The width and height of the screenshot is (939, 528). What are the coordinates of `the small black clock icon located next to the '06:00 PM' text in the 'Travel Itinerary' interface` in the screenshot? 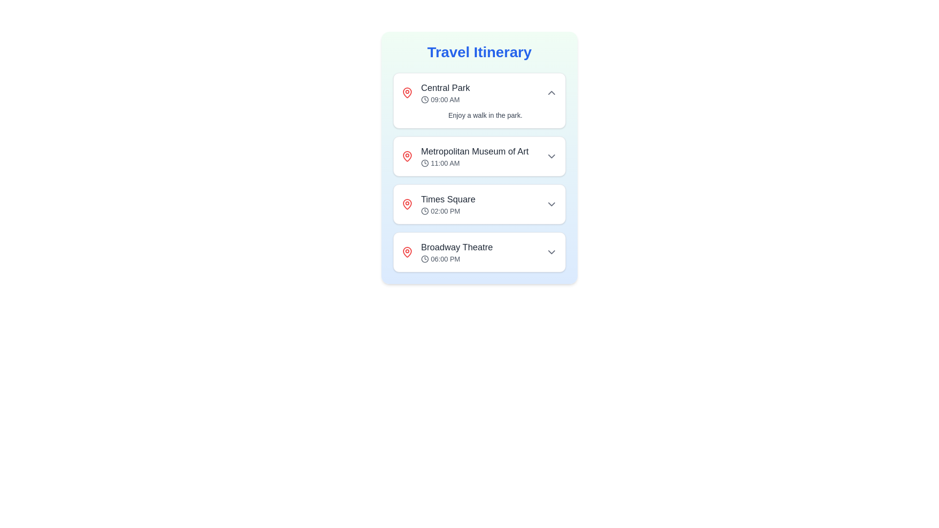 It's located at (425, 258).